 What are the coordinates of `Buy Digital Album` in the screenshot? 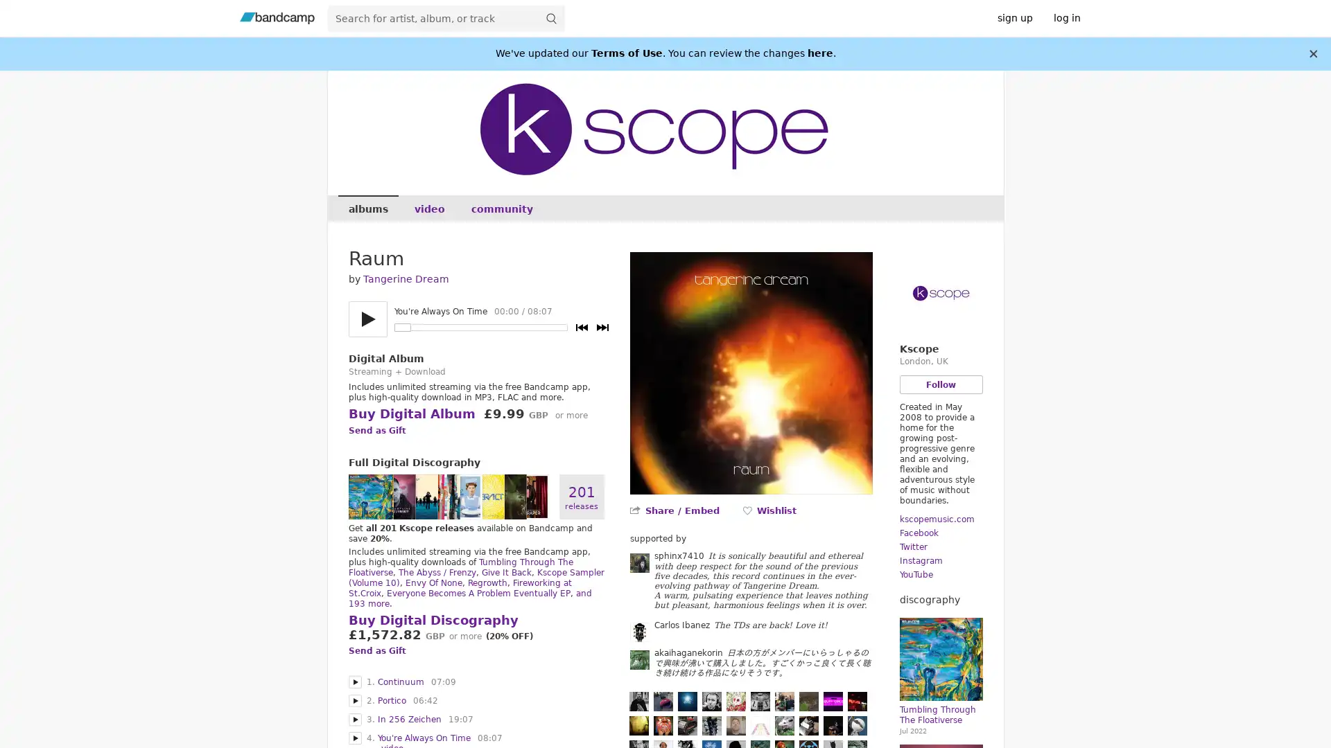 It's located at (410, 413).